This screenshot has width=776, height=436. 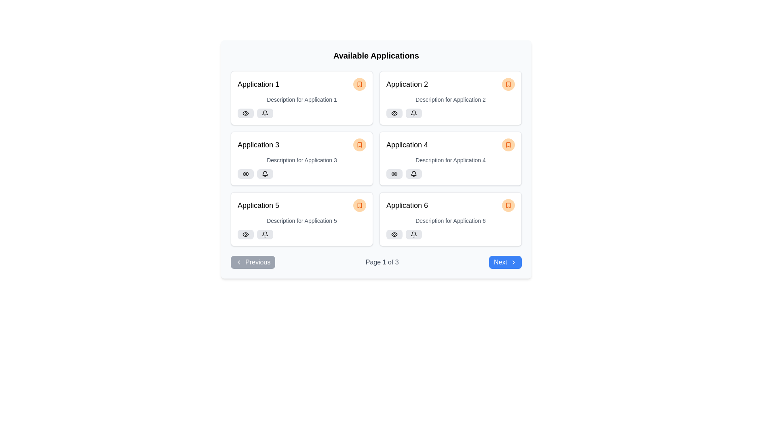 I want to click on the eye-shaped icon button located in the action section of the sixth application card, positioned to the left of the bell icon in the bottom-right corner action bar, so click(x=394, y=235).